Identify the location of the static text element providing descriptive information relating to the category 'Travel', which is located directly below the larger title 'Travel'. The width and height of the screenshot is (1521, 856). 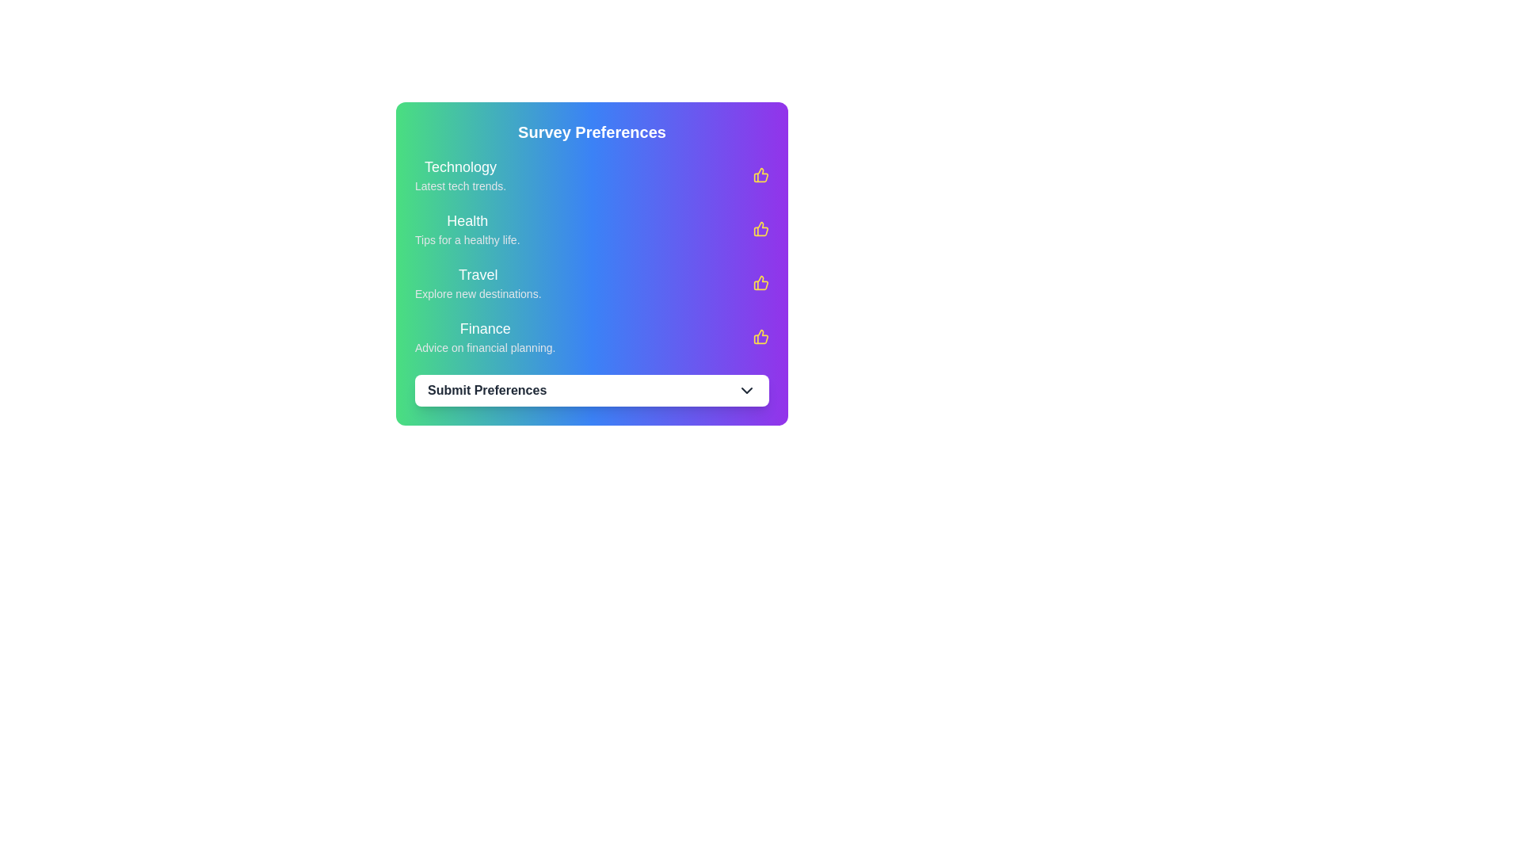
(477, 293).